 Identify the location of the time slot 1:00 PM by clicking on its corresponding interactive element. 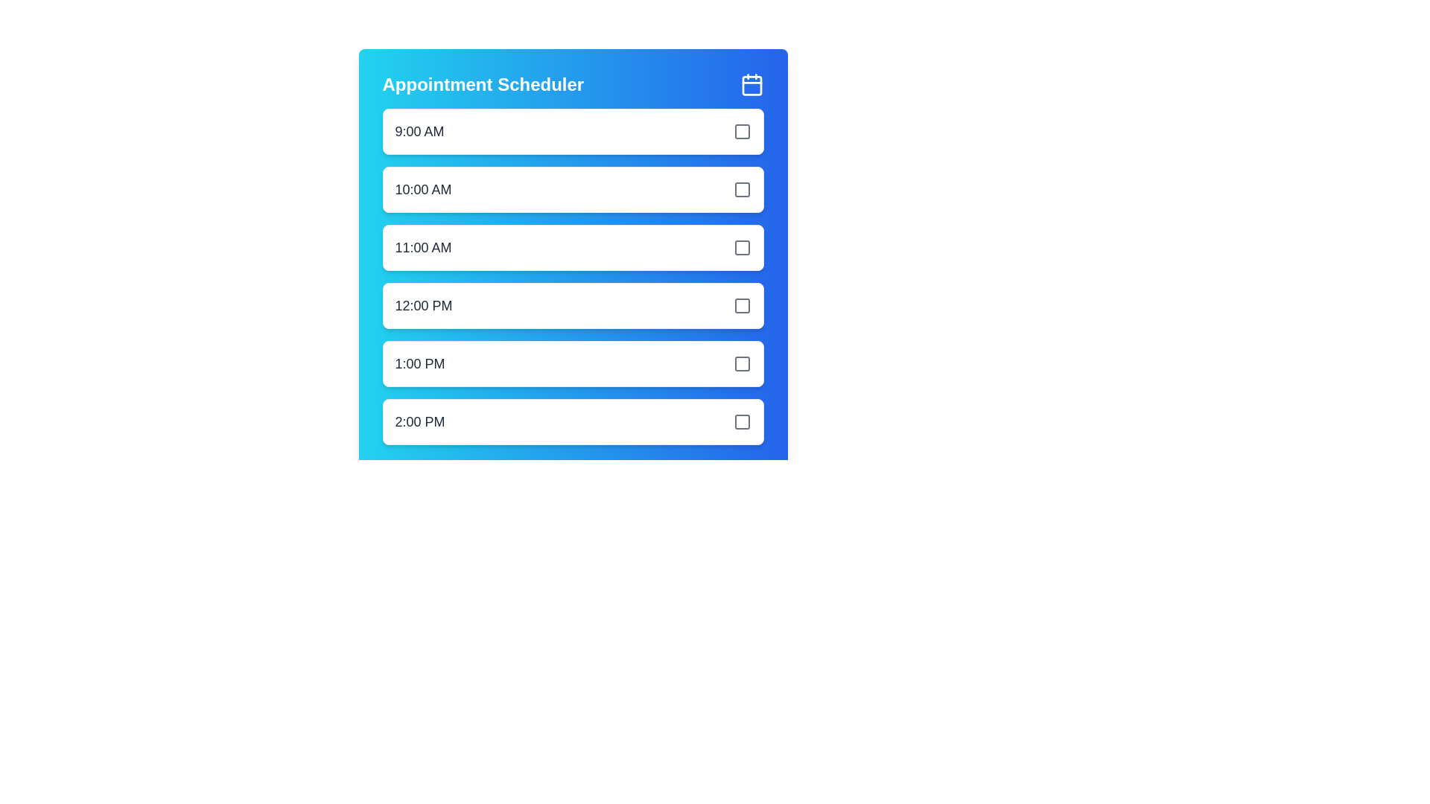
(572, 364).